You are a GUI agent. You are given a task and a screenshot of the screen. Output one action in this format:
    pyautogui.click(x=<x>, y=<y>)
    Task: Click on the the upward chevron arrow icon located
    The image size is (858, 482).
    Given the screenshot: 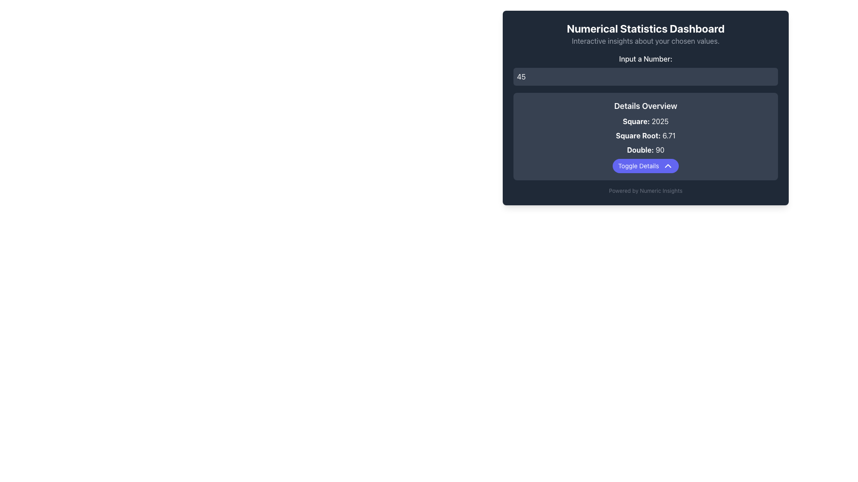 What is the action you would take?
    pyautogui.click(x=668, y=166)
    